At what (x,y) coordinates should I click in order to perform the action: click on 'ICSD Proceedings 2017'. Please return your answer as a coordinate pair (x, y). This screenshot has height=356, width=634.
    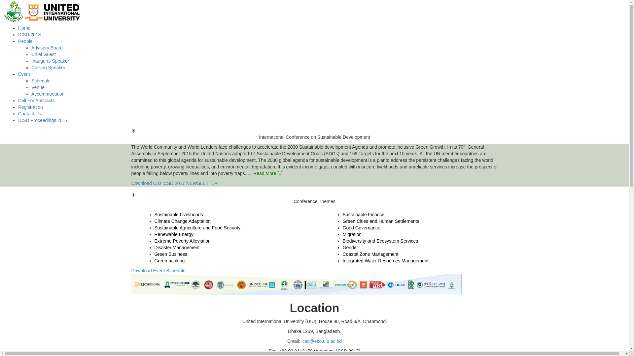
    Looking at the image, I should click on (42, 120).